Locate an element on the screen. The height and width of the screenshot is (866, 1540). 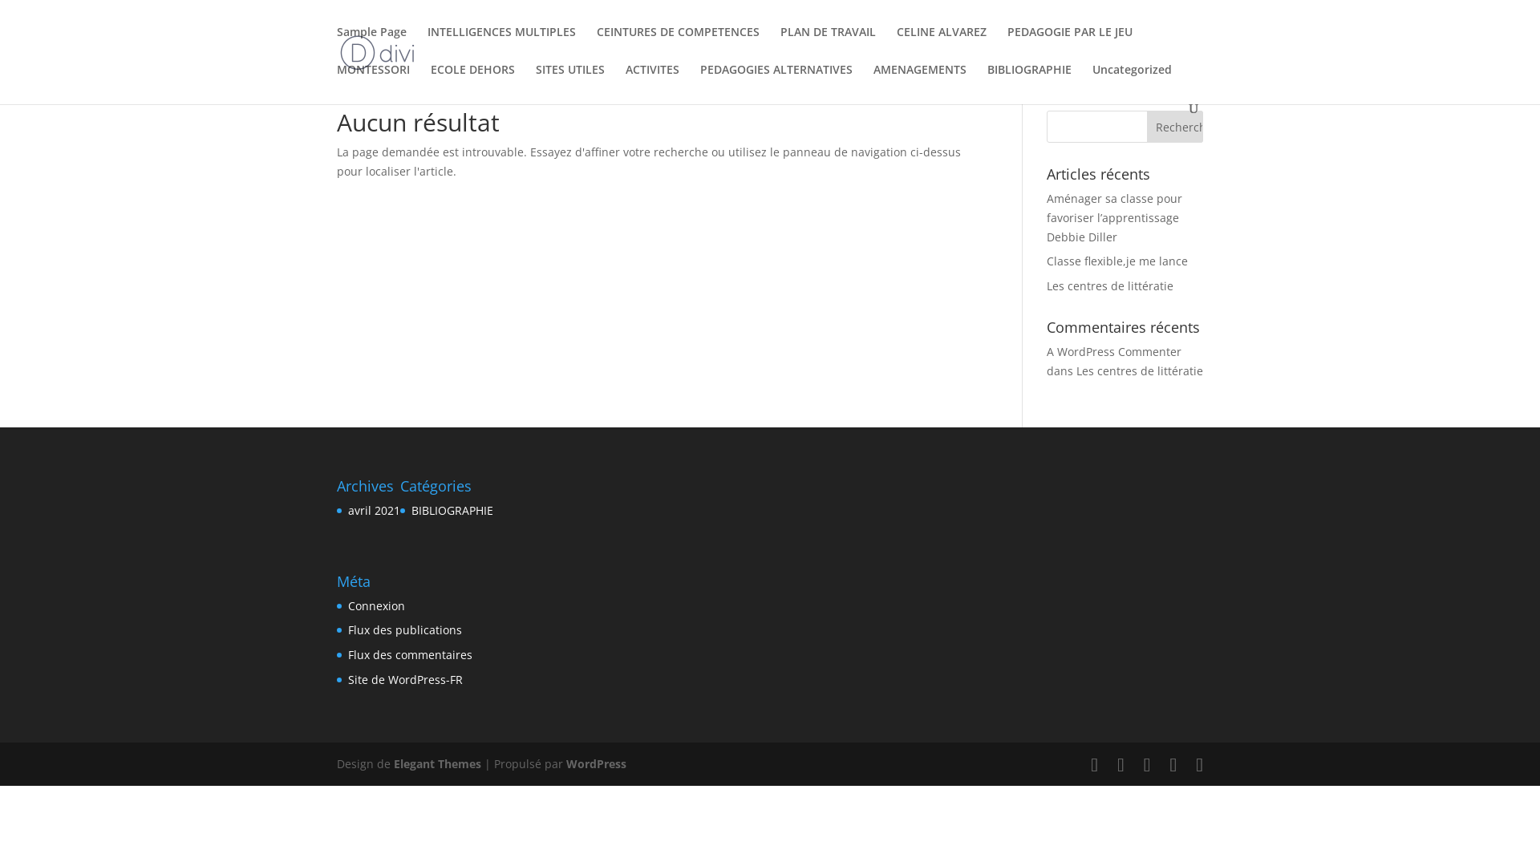
'MONTESSORI' is located at coordinates (372, 83).